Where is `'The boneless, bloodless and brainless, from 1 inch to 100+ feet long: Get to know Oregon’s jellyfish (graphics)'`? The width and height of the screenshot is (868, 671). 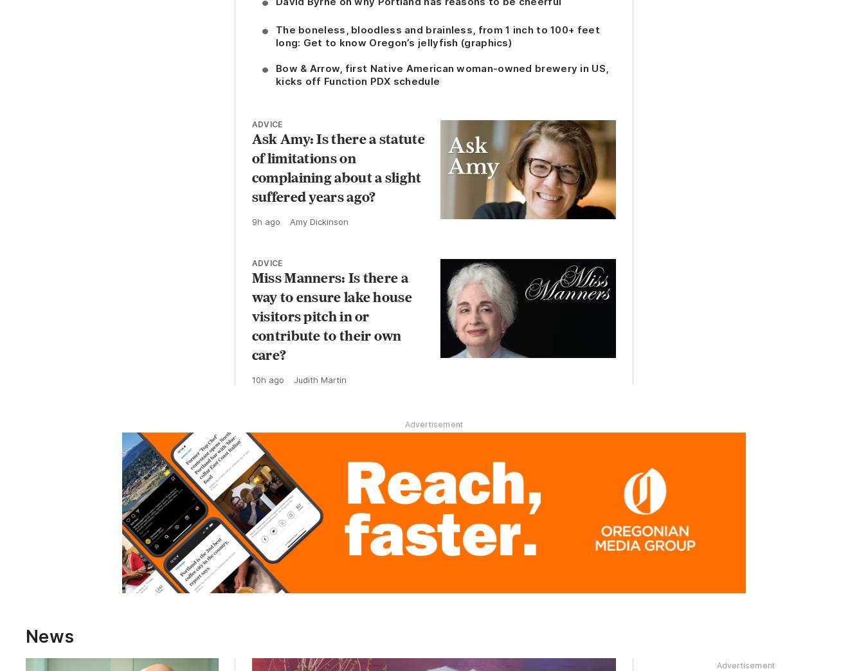
'The boneless, bloodless and brainless, from 1 inch to 100+ feet long: Get to know Oregon’s jellyfish (graphics)' is located at coordinates (436, 35).